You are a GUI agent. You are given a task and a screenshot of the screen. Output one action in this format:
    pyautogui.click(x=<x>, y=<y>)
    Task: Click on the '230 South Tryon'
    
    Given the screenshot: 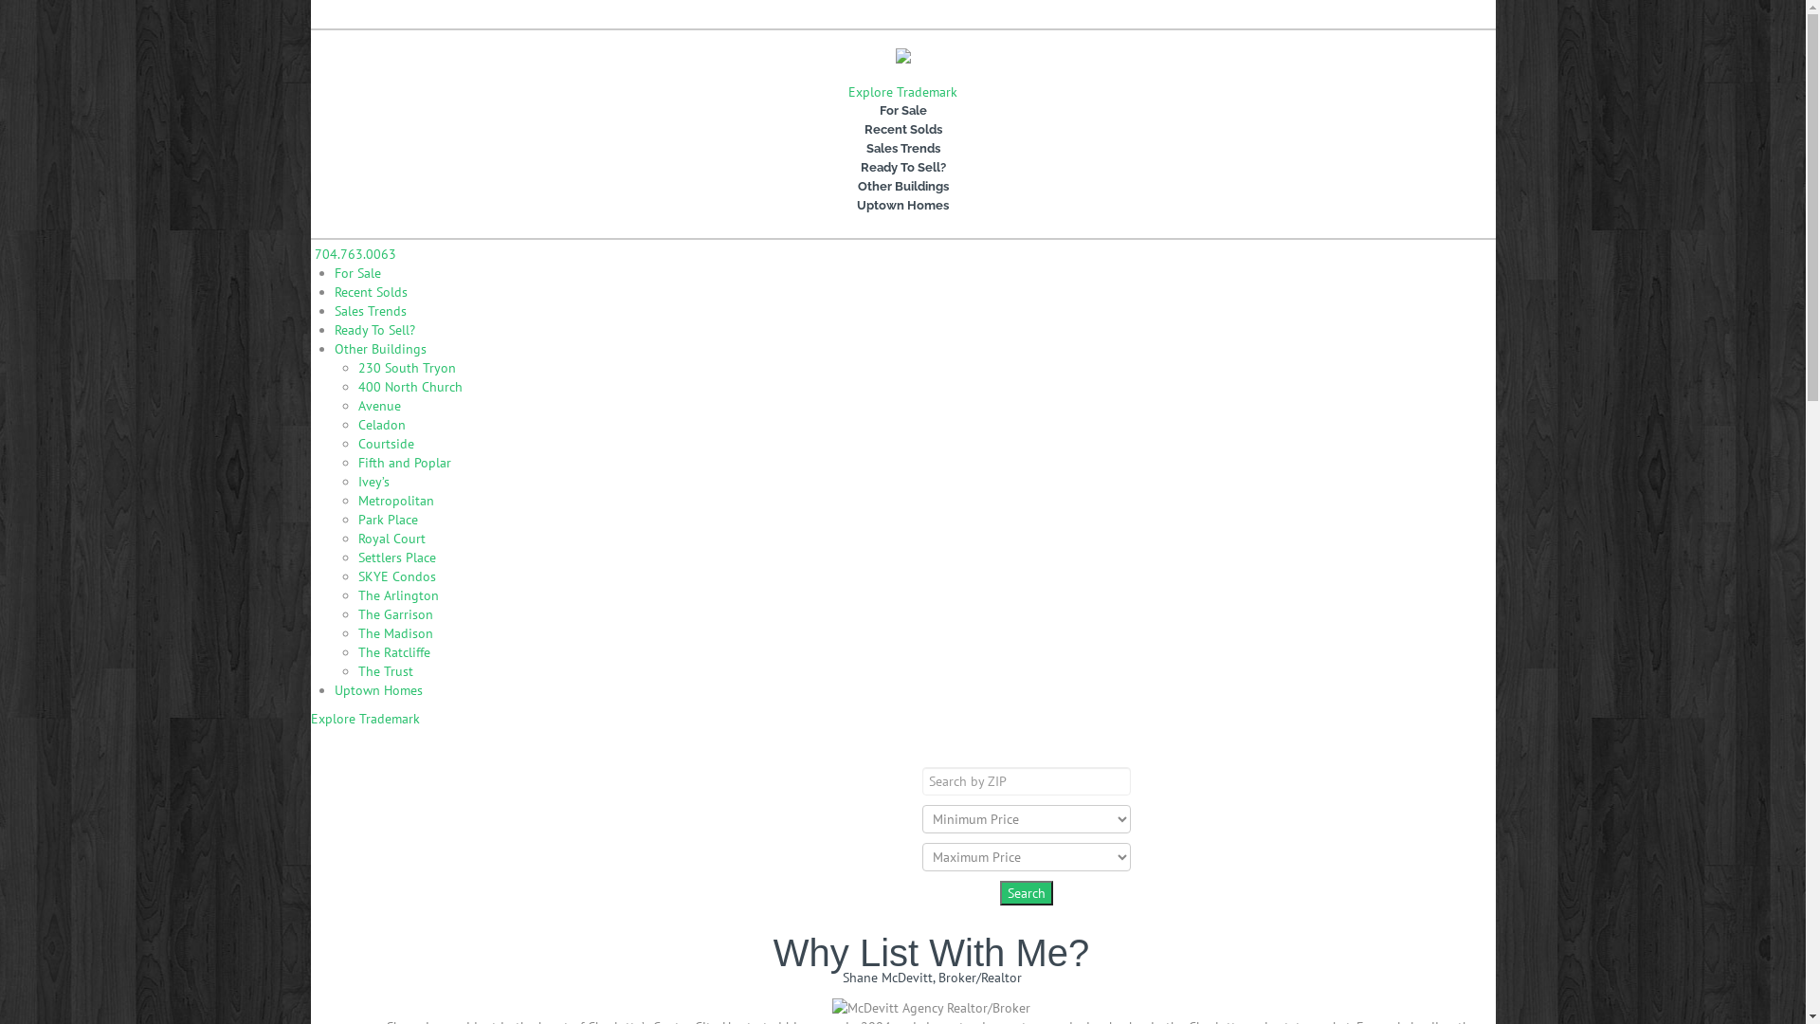 What is the action you would take?
    pyautogui.click(x=406, y=368)
    